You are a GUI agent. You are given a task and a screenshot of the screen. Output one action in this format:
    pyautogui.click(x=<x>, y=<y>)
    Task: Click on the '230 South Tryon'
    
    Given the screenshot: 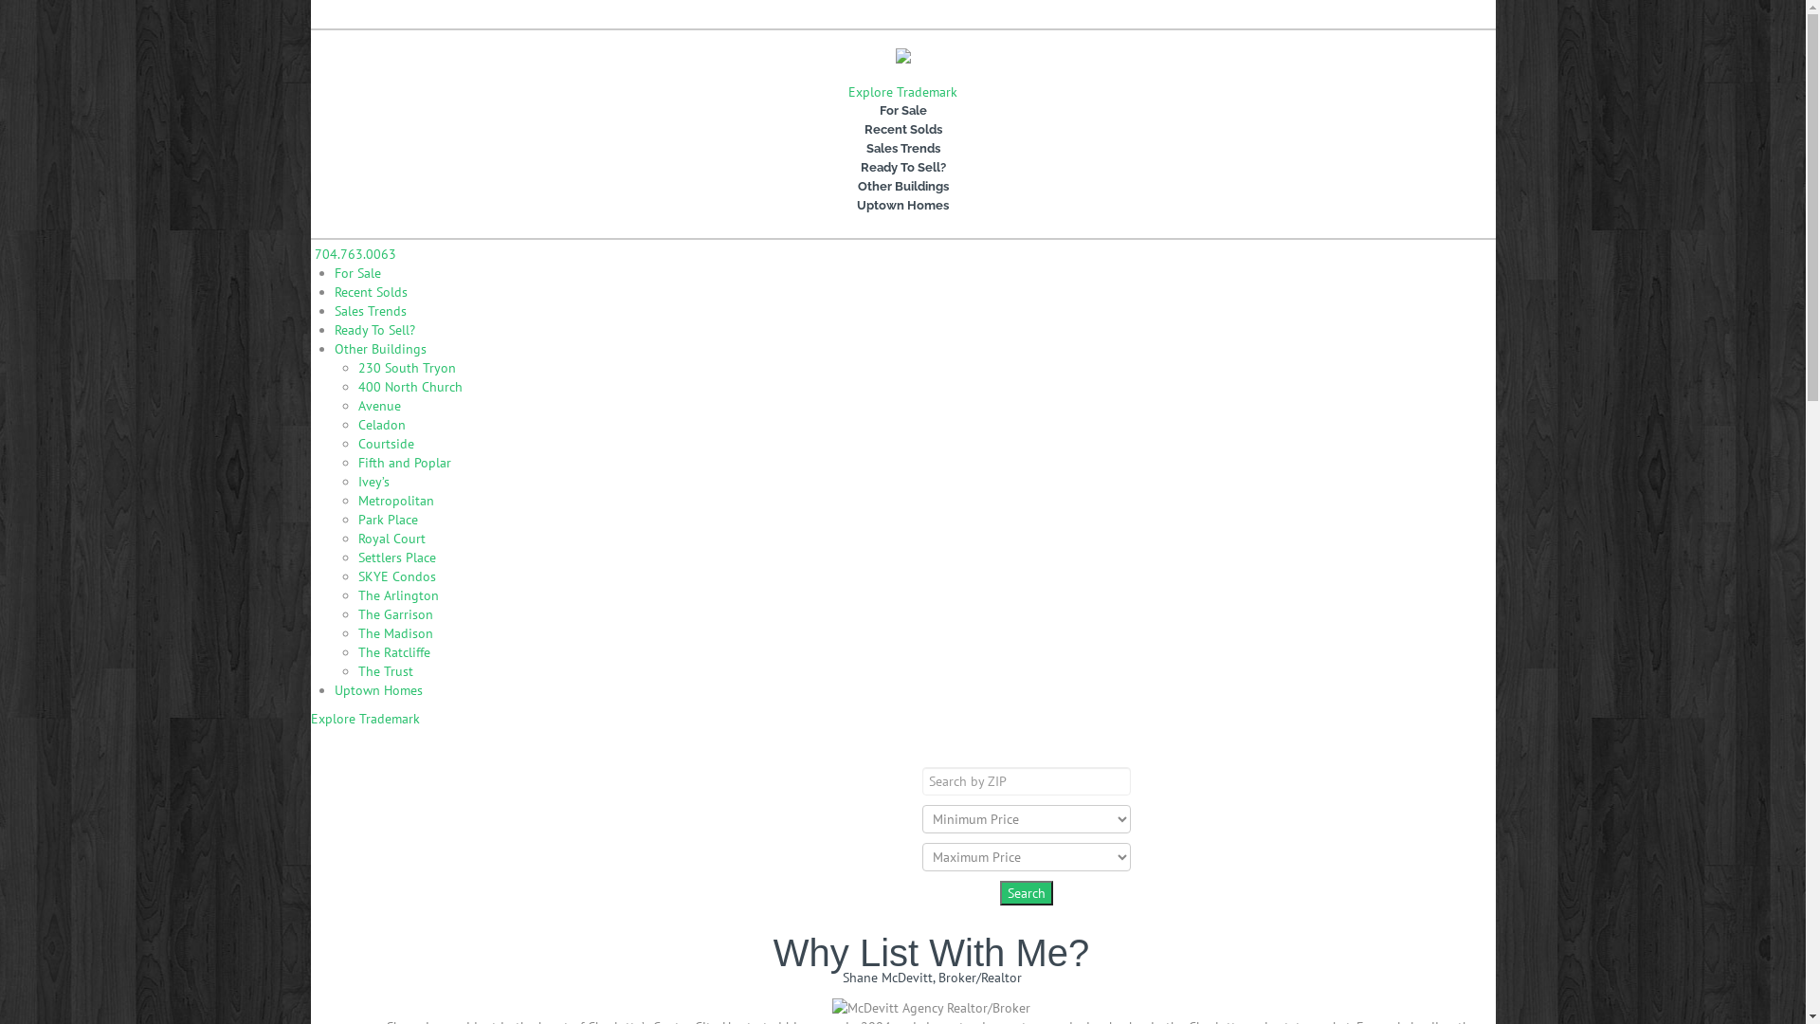 What is the action you would take?
    pyautogui.click(x=406, y=368)
    